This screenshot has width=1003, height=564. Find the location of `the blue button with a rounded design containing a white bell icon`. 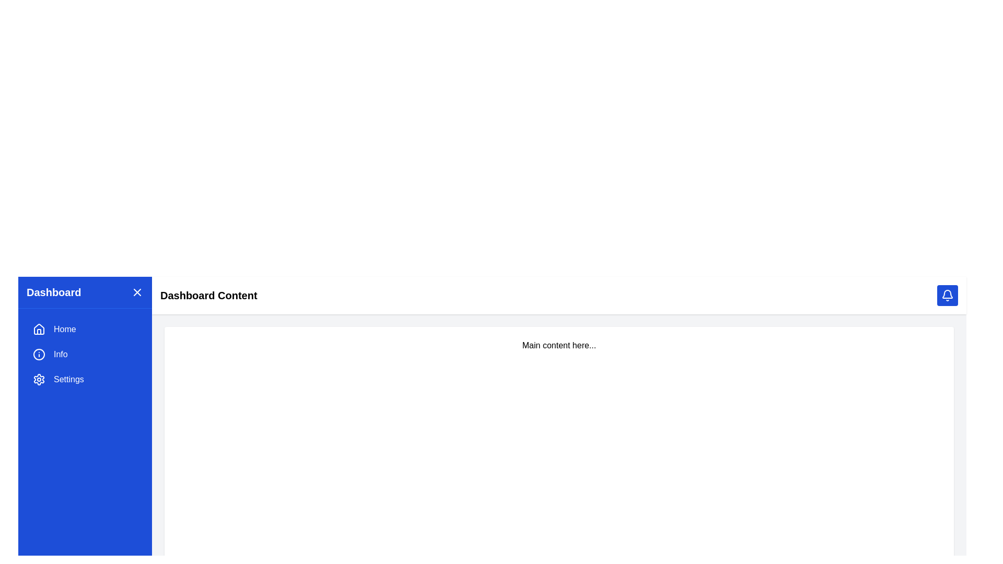

the blue button with a rounded design containing a white bell icon is located at coordinates (948, 296).